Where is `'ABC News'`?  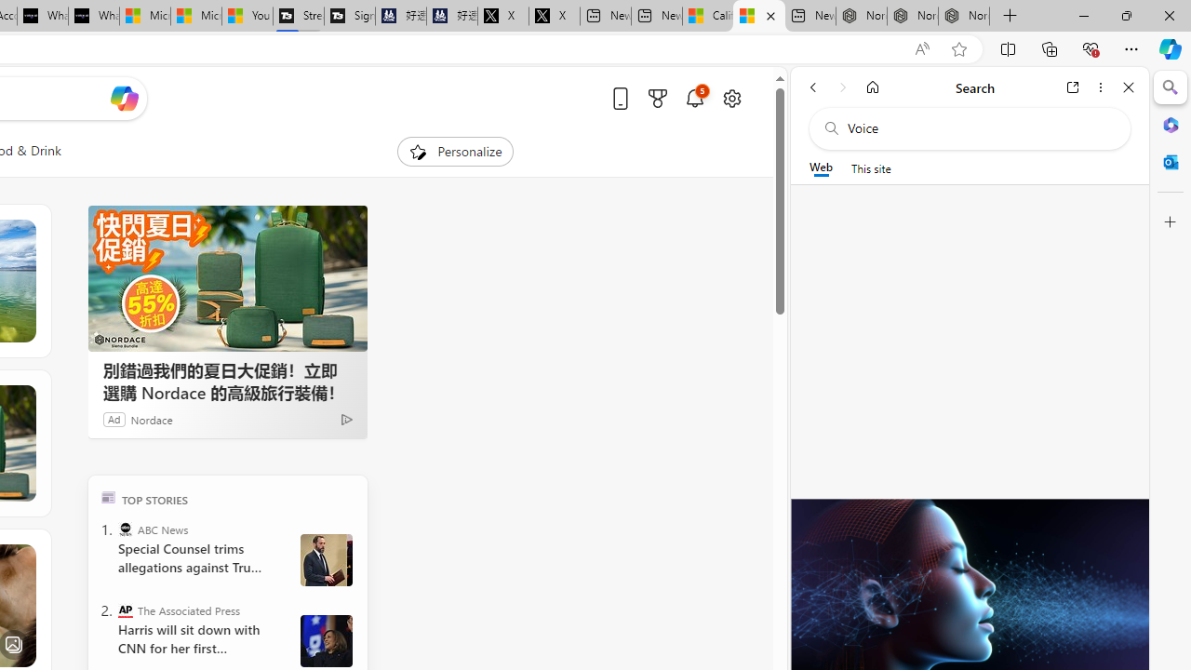
'ABC News' is located at coordinates (125, 529).